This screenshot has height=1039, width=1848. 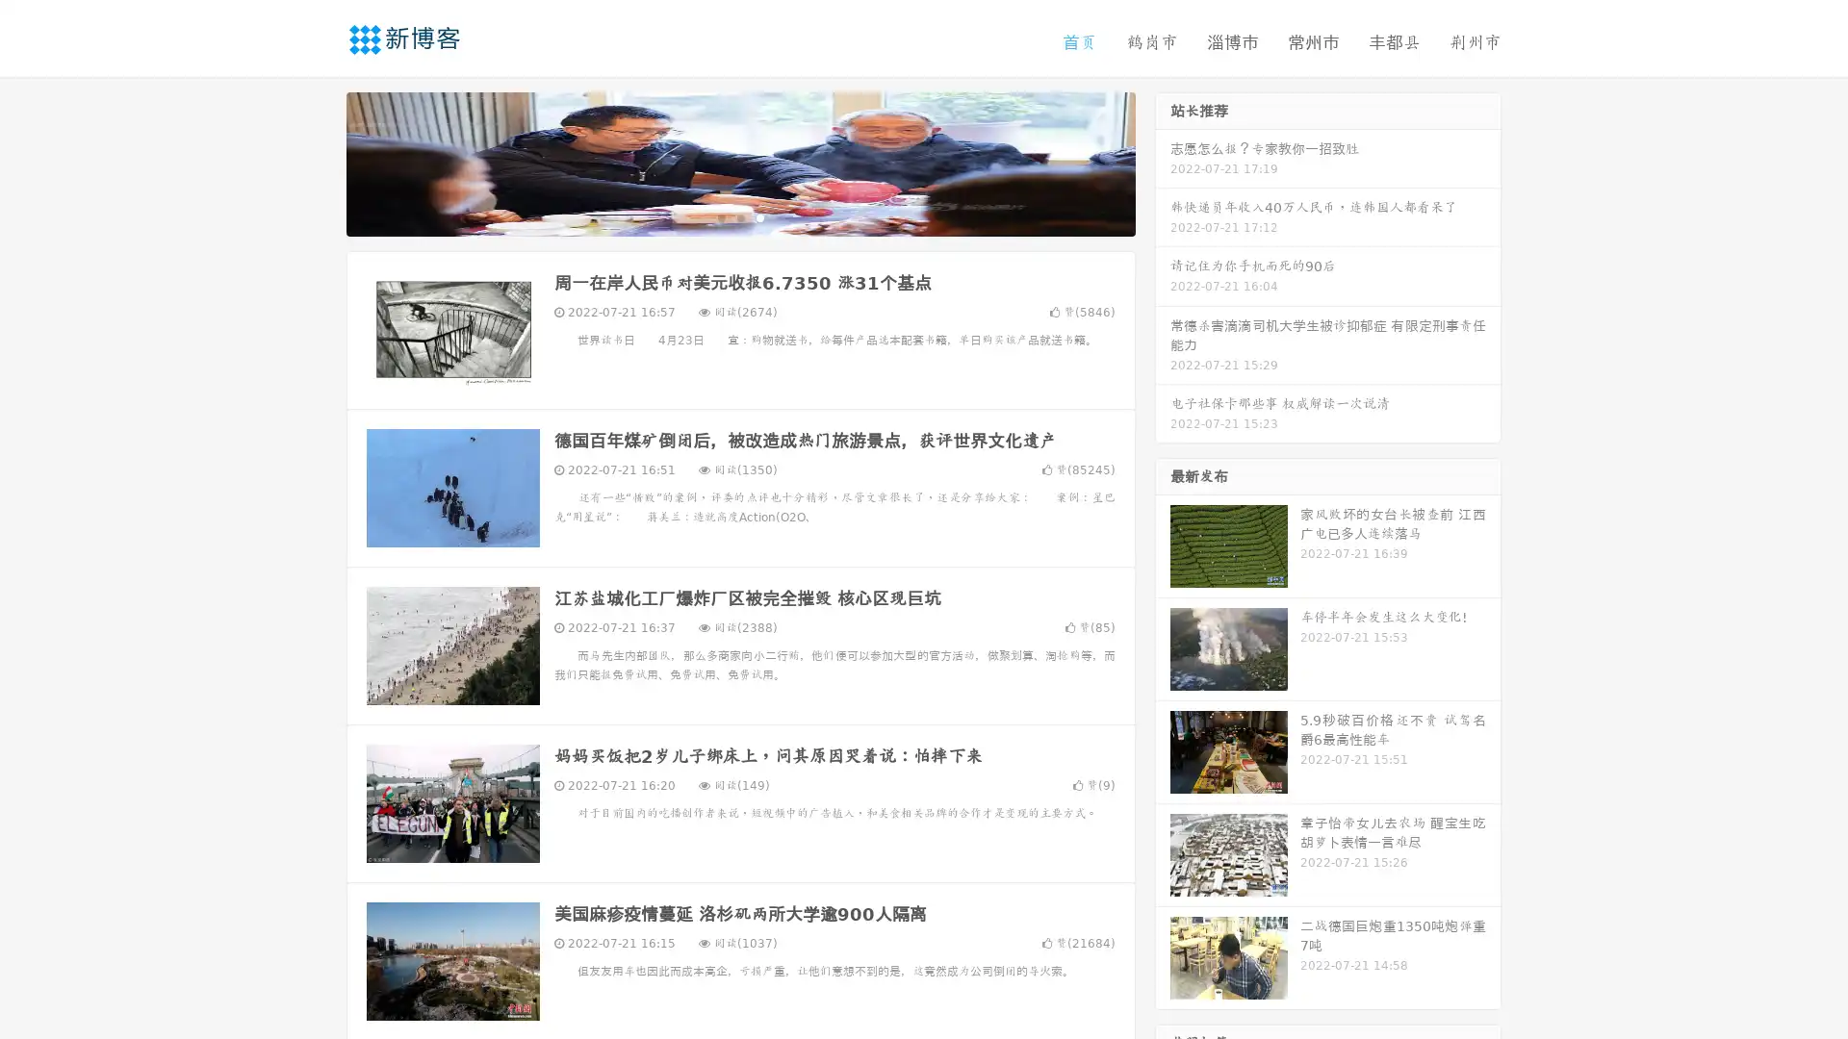 I want to click on Go to slide 1, so click(x=720, y=216).